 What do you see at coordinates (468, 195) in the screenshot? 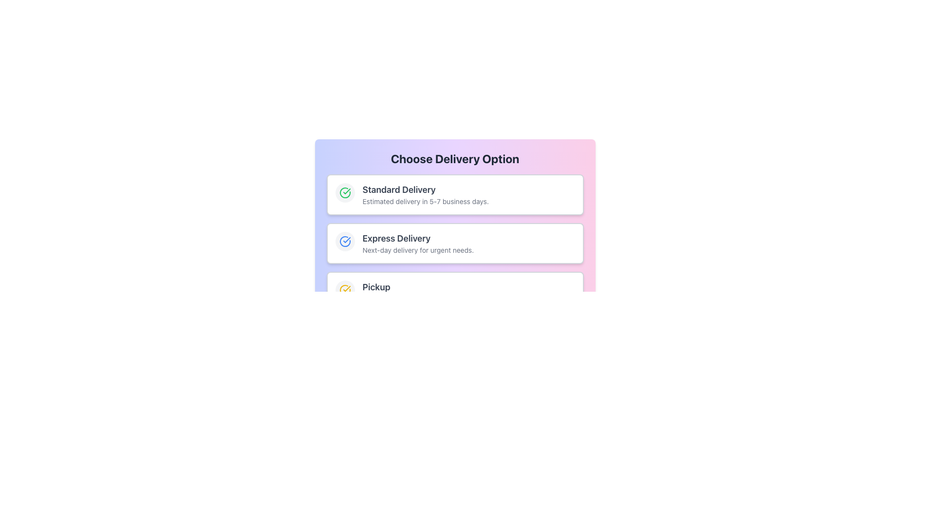
I see `the text element displaying 'Standard Delivery' and 'Estimated delivery in 5-7 business days', located in the 'Choose Delivery Option' form interface` at bounding box center [468, 195].